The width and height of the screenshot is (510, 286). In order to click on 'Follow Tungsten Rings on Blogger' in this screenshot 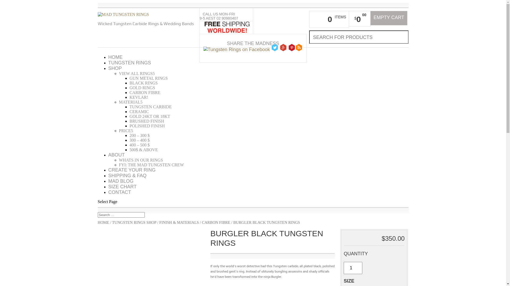, I will do `click(299, 47)`.